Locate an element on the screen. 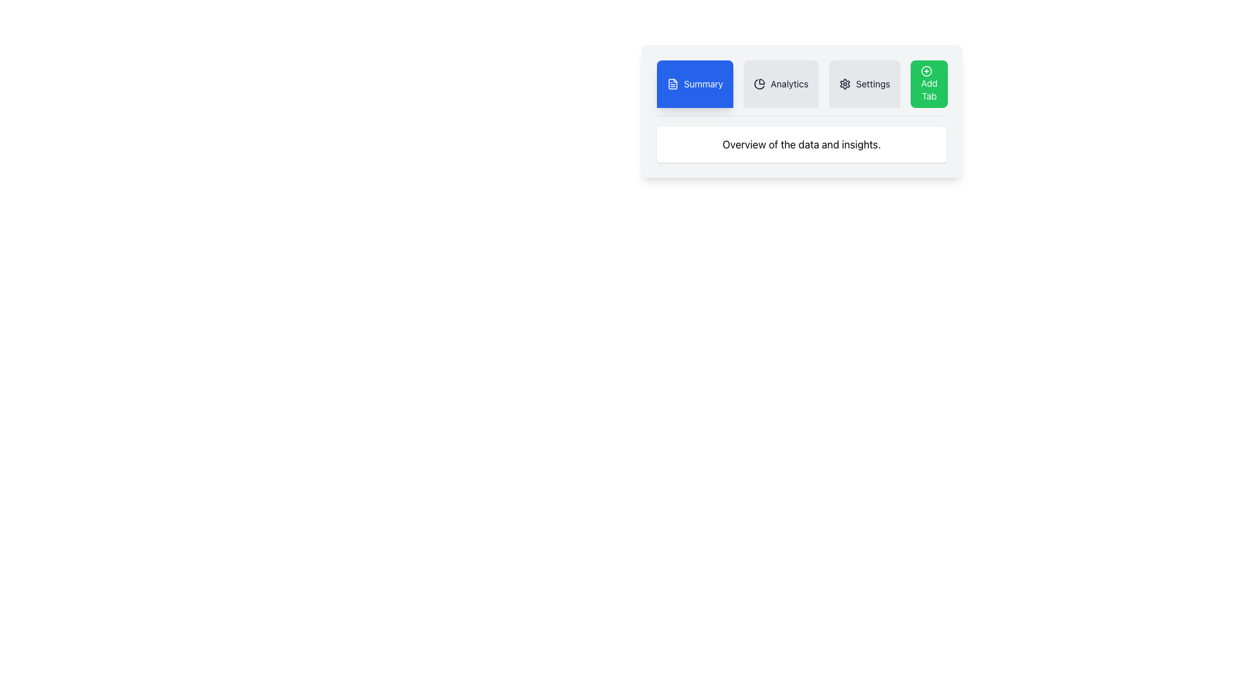  the second button in the row of four buttons located between the 'Summary' and 'Settings' buttons is located at coordinates (780, 84).